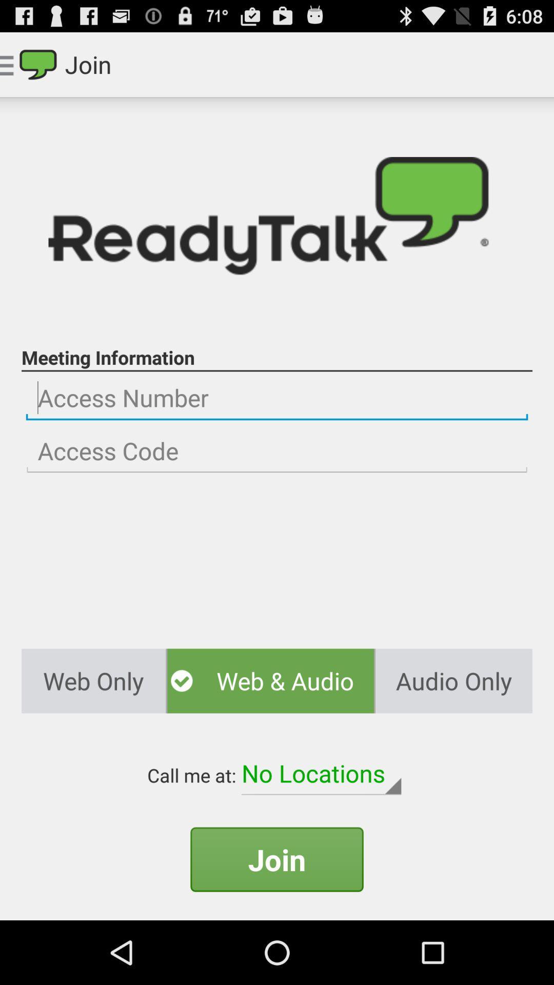  I want to click on access code, so click(277, 451).